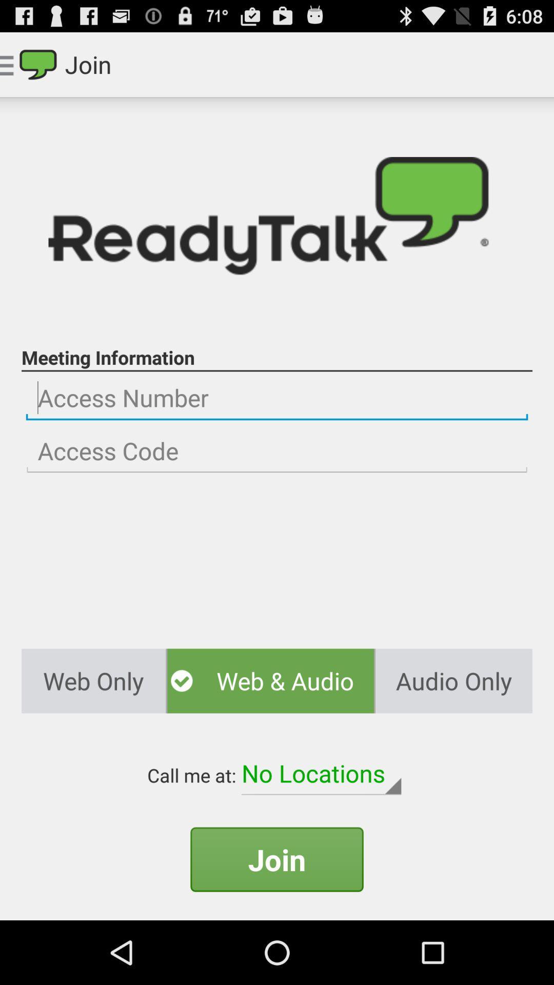  I want to click on access code, so click(277, 451).